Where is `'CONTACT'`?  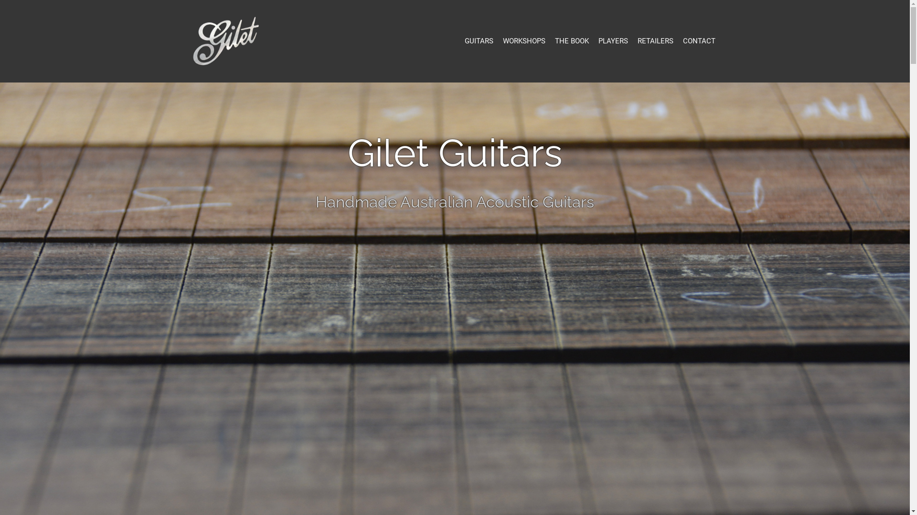 'CONTACT' is located at coordinates (699, 41).